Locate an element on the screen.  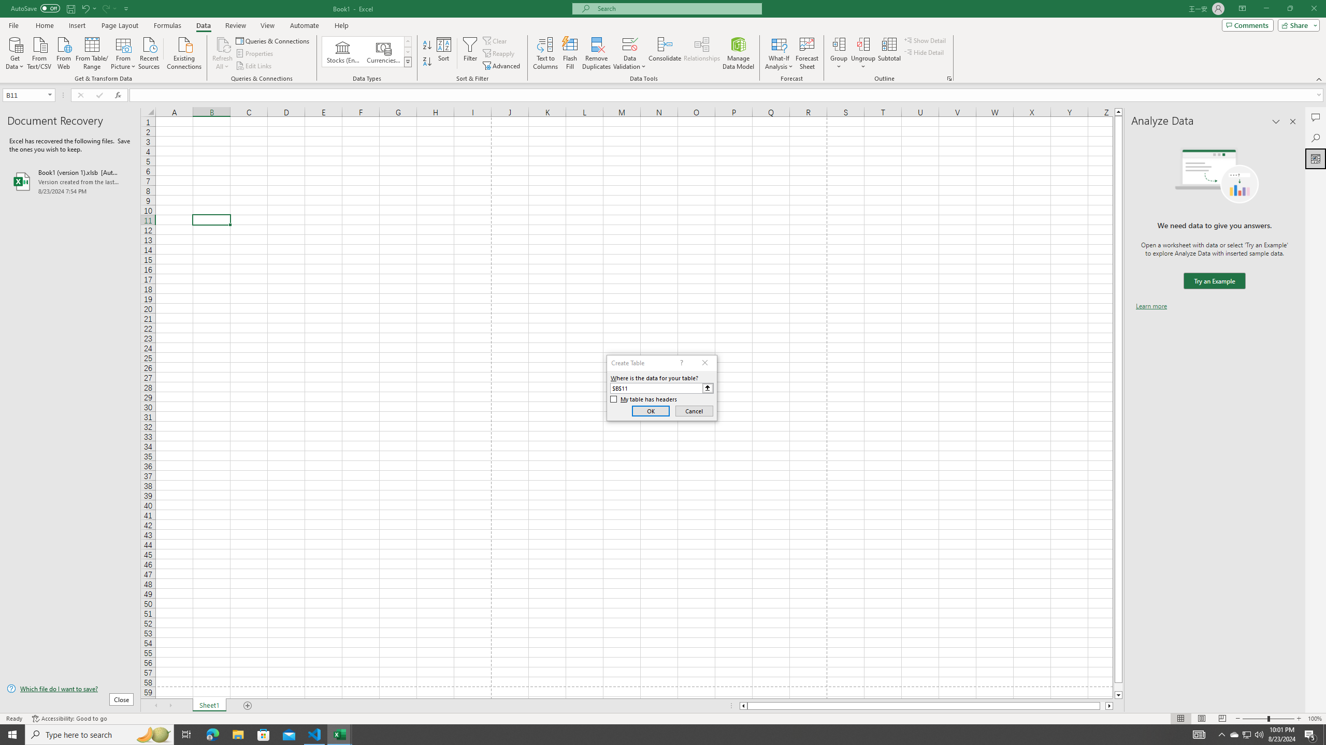
'Line up' is located at coordinates (1118, 111).